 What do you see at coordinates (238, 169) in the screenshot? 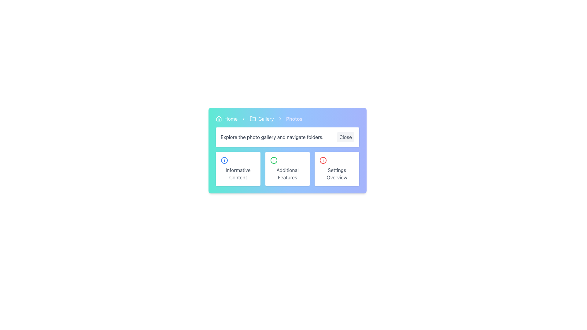
I see `the Informational Card located in the top-left area of the grid` at bounding box center [238, 169].